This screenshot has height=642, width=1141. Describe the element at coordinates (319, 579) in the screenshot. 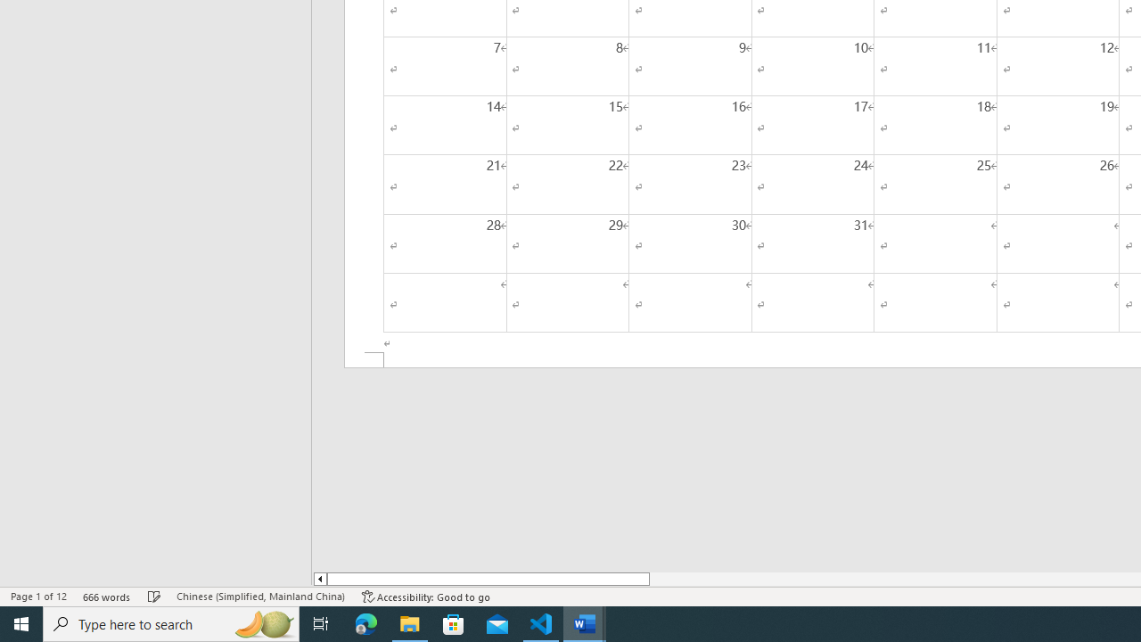

I see `'Column left'` at that location.